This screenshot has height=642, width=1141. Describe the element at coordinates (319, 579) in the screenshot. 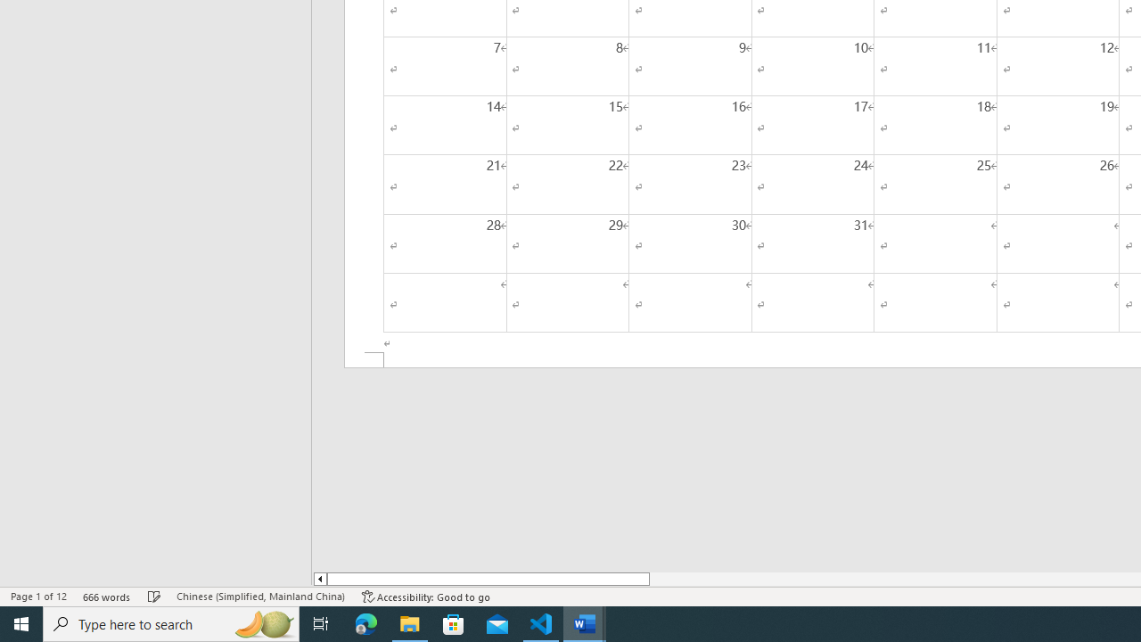

I see `'Column left'` at that location.